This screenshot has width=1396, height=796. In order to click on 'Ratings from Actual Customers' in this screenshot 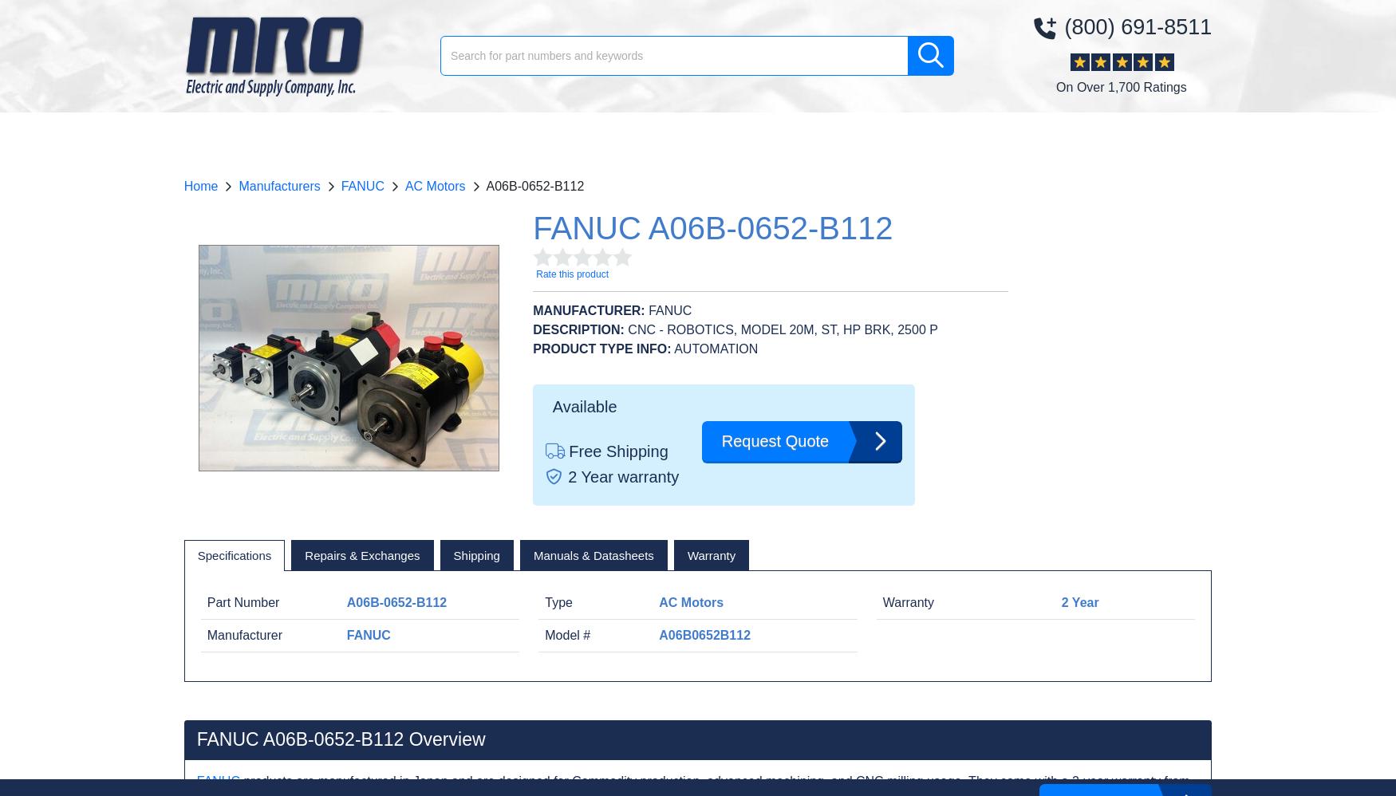, I will do `click(726, 262)`.